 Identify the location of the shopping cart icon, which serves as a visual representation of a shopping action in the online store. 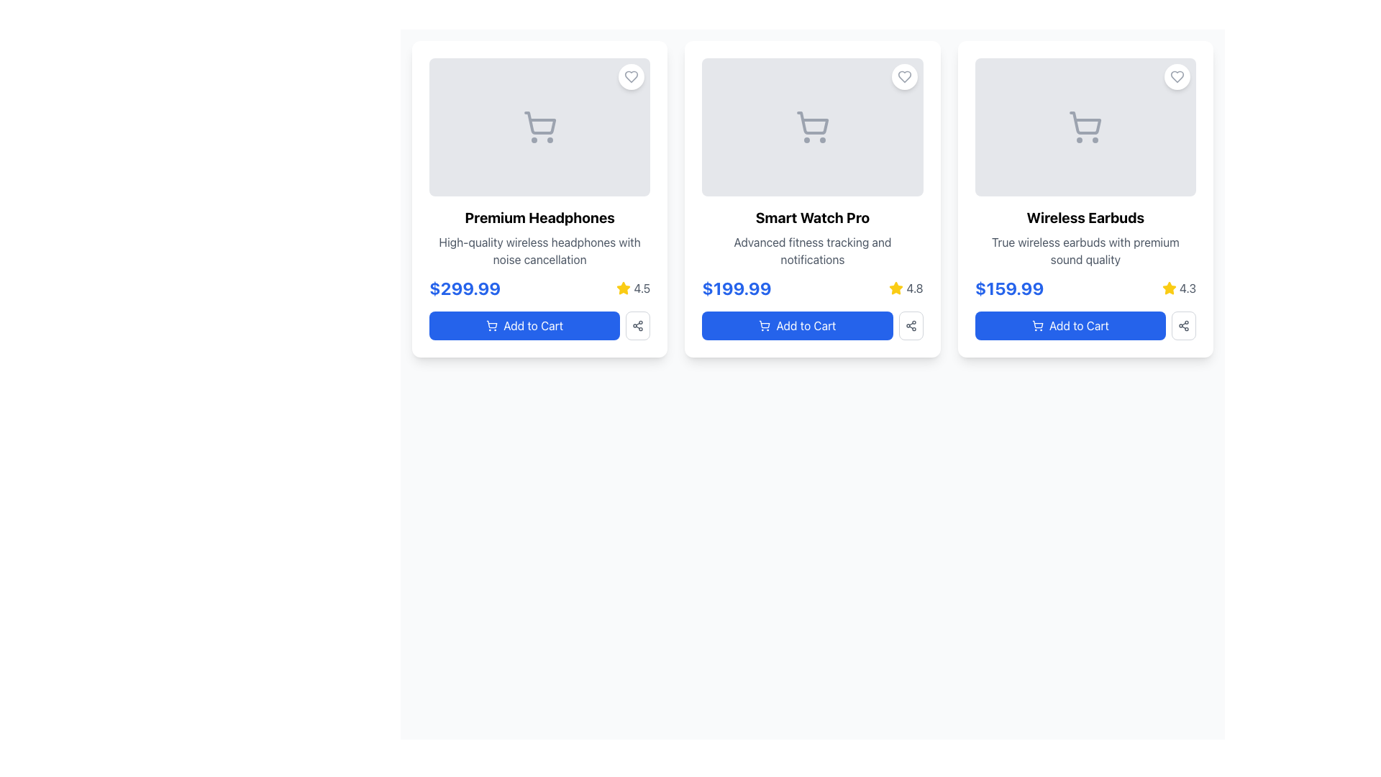
(812, 127).